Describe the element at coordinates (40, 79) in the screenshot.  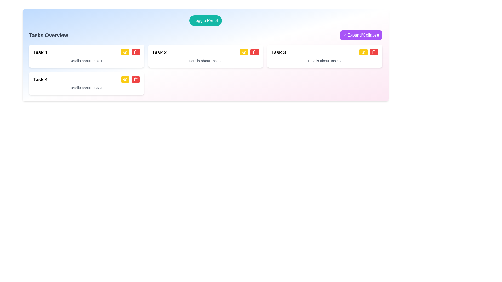
I see `the text label that serves as a title for task number 4 in the second row, first column of the task card grid` at that location.